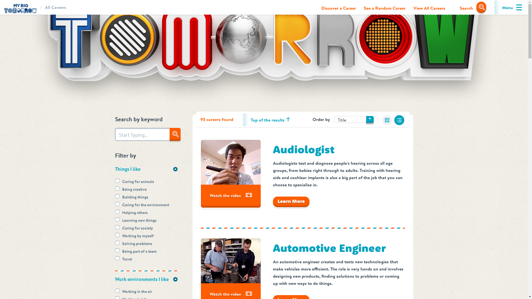  Describe the element at coordinates (147, 169) in the screenshot. I see `'Things I like'` at that location.